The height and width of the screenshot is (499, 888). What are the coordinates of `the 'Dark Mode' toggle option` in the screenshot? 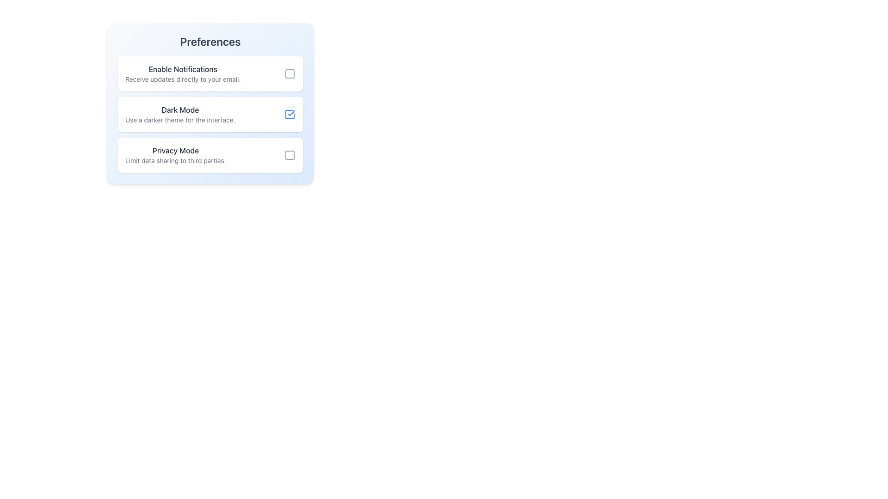 It's located at (210, 114).